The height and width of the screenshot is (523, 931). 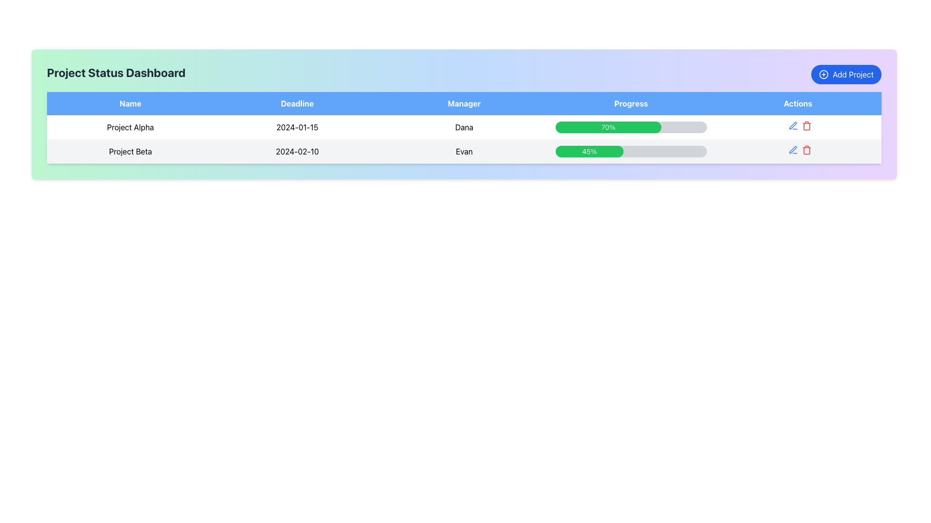 I want to click on the static text label indicating the deadline date for the project in the second row of the table, so click(x=297, y=151).